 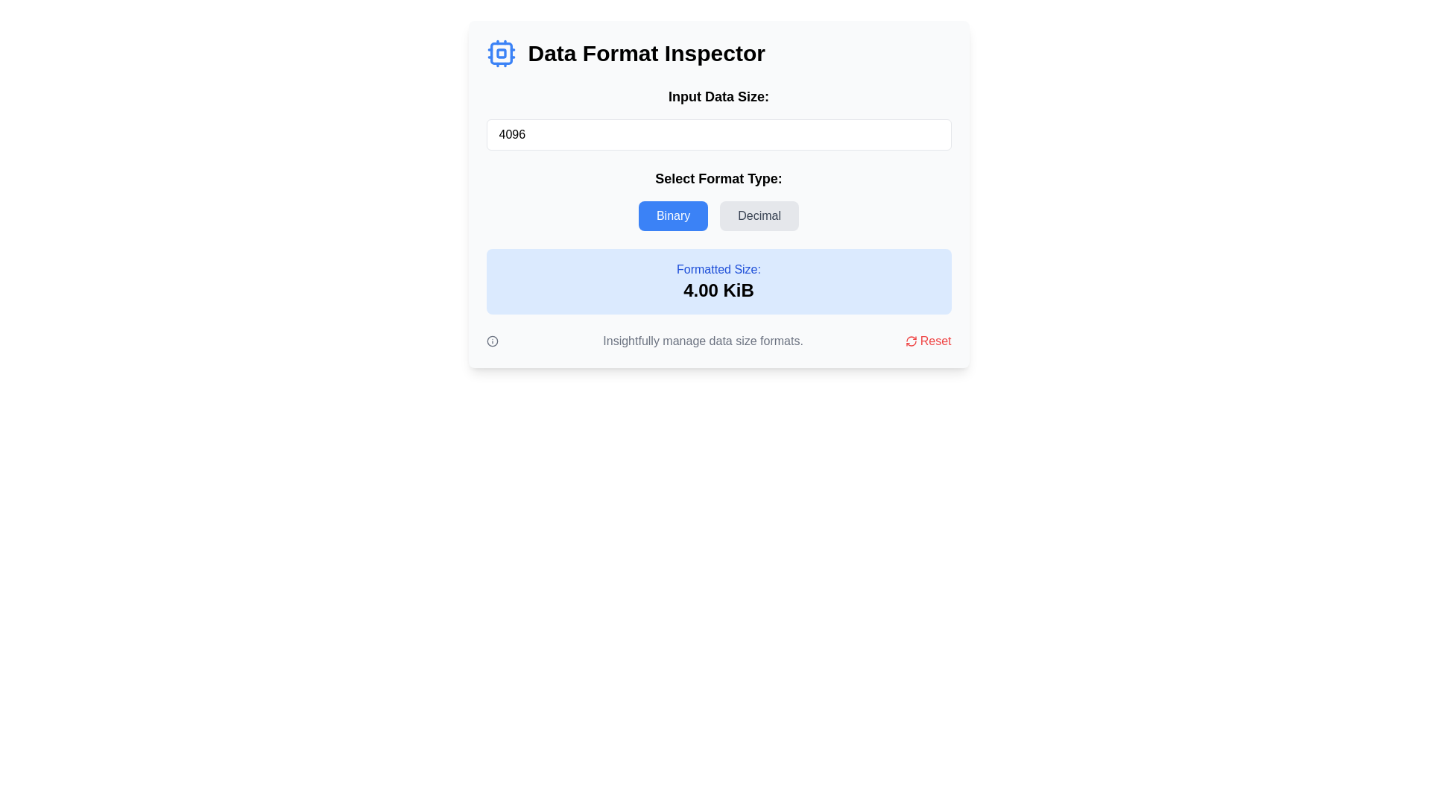 What do you see at coordinates (501, 53) in the screenshot?
I see `the decorative graphic element within the CPU icon, which is located in the upper-left quadrant of the user interface` at bounding box center [501, 53].